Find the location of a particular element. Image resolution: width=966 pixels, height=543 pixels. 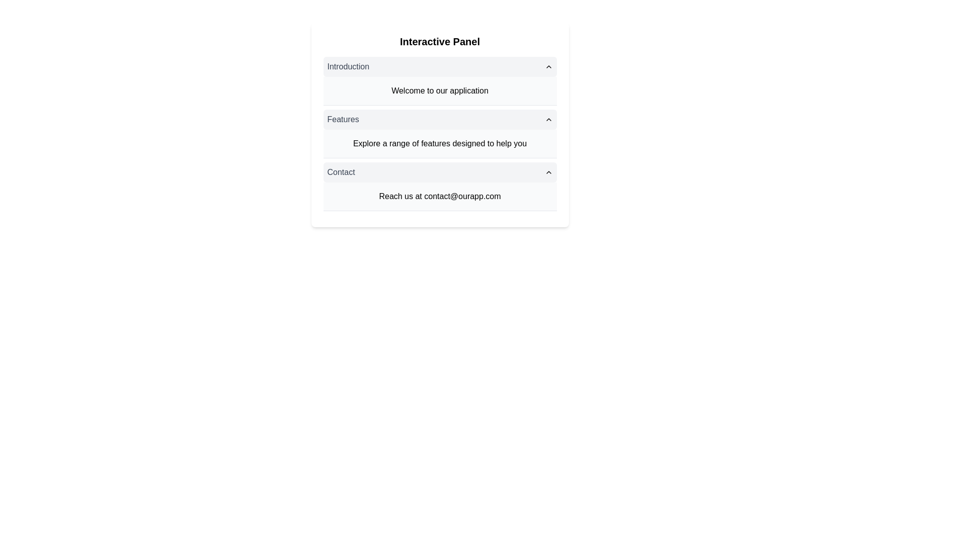

the collapsible panel section that provides contact information is located at coordinates (440, 187).